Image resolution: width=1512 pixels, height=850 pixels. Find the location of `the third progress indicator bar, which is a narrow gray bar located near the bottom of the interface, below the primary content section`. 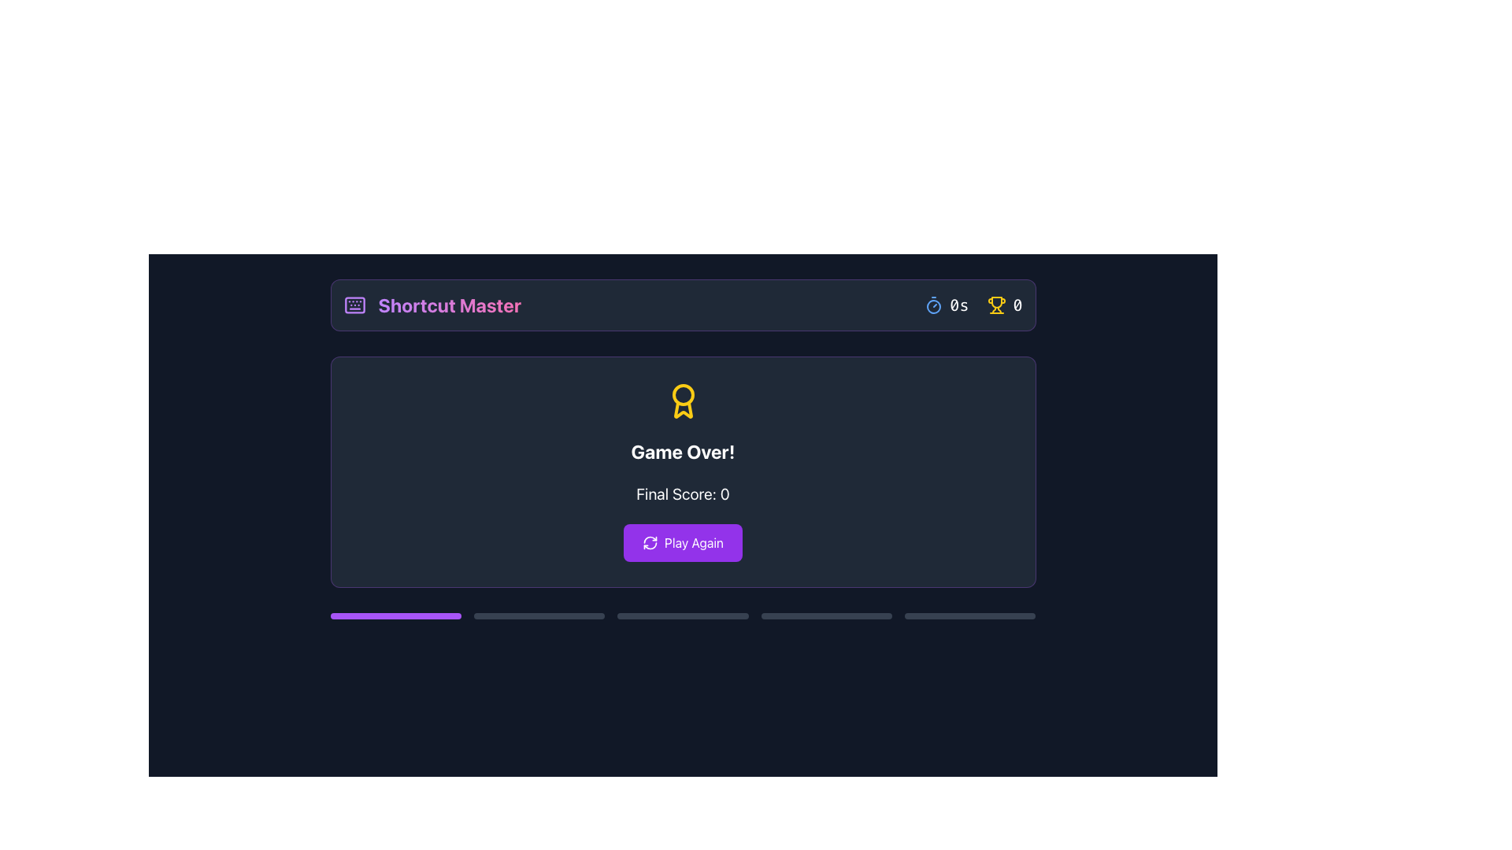

the third progress indicator bar, which is a narrow gray bar located near the bottom of the interface, below the primary content section is located at coordinates (683, 615).